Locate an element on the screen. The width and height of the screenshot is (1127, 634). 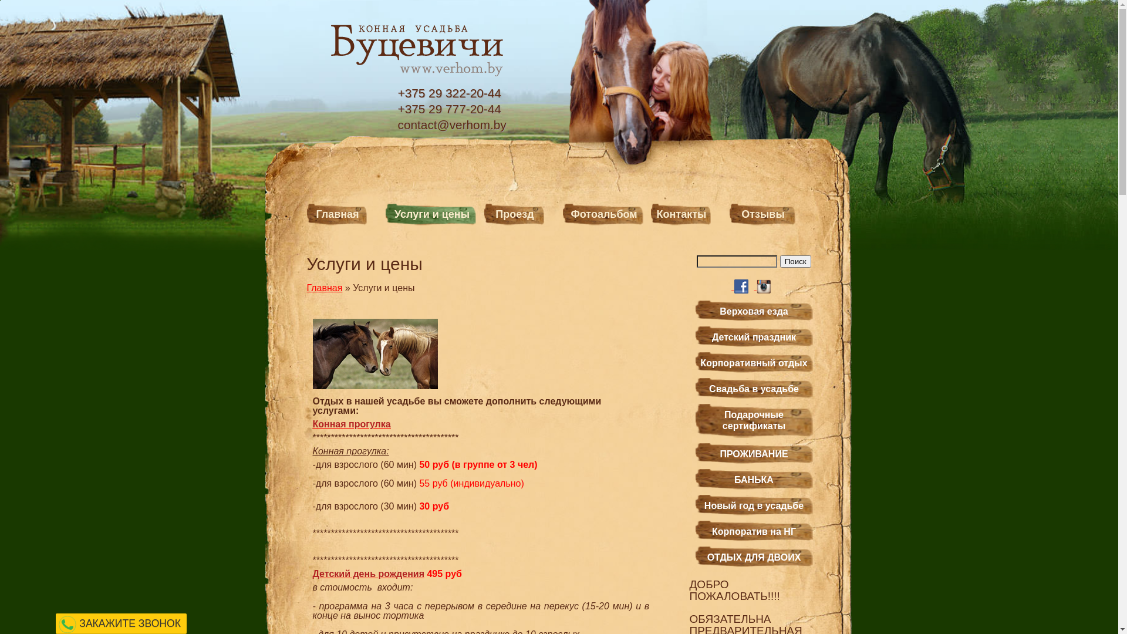
'+375 29 777-20-44' is located at coordinates (451, 109).